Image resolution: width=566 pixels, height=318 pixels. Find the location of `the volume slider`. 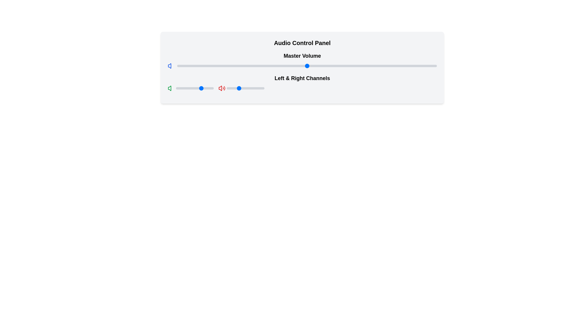

the volume slider is located at coordinates (270, 64).